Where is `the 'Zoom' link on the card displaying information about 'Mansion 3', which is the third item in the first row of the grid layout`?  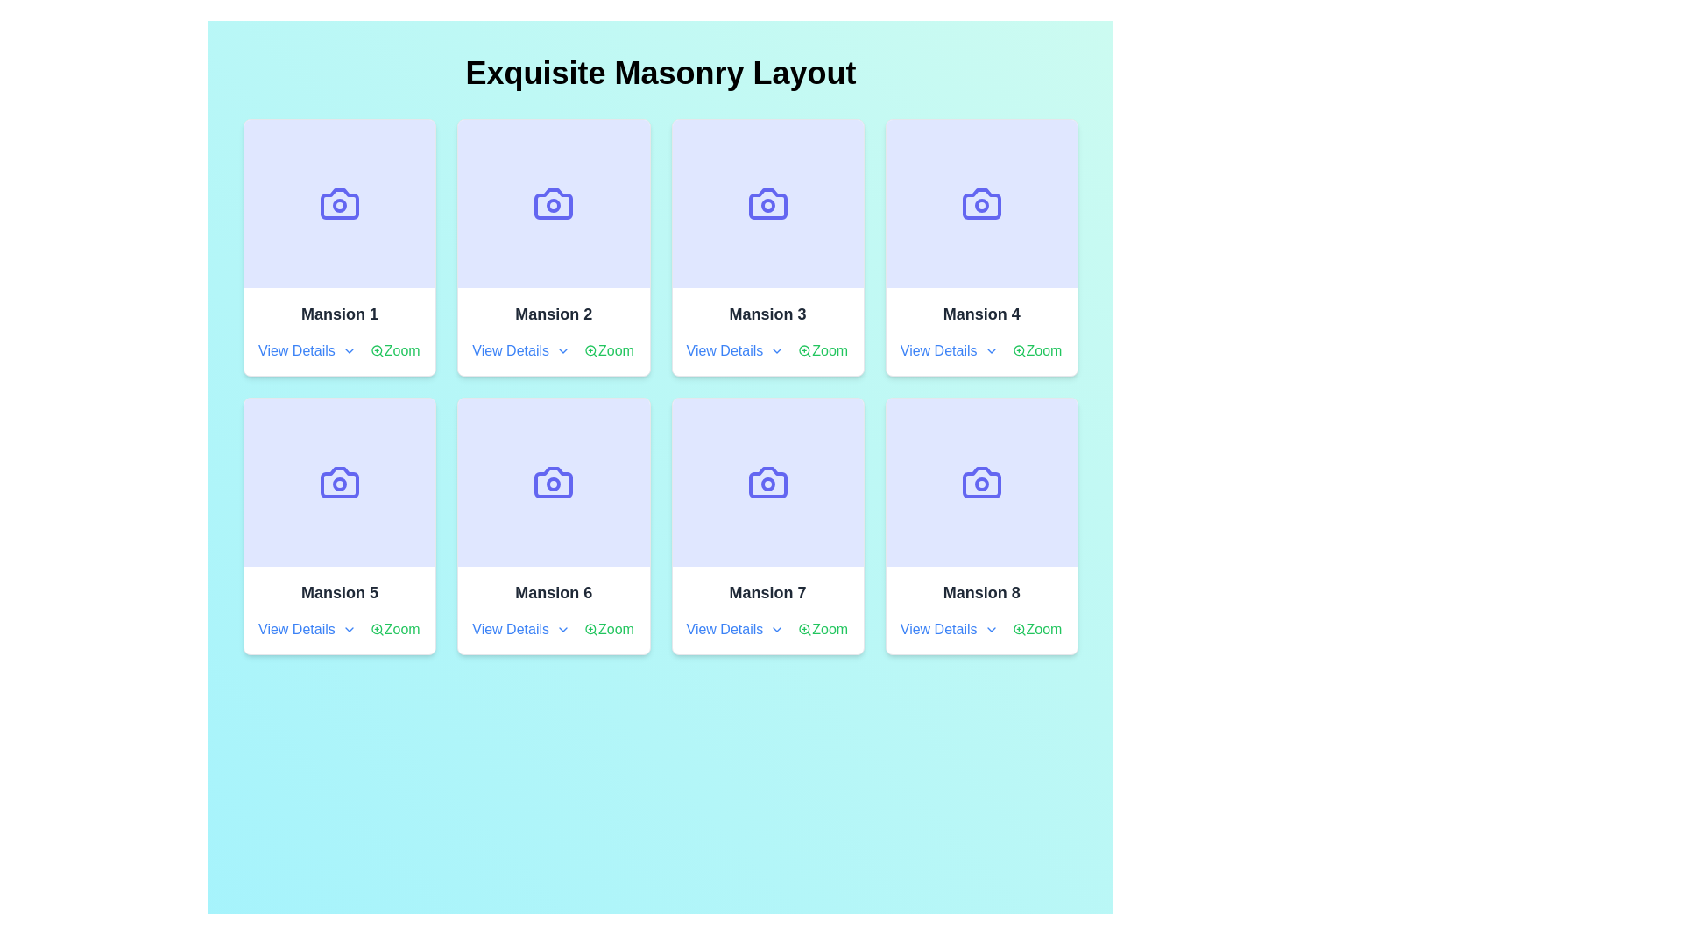 the 'Zoom' link on the card displaying information about 'Mansion 3', which is the third item in the first row of the grid layout is located at coordinates (767, 331).